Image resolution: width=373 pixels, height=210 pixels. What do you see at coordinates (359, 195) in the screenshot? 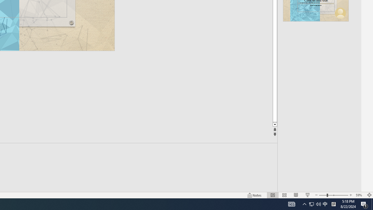
I see `'Zoom 59%'` at bounding box center [359, 195].